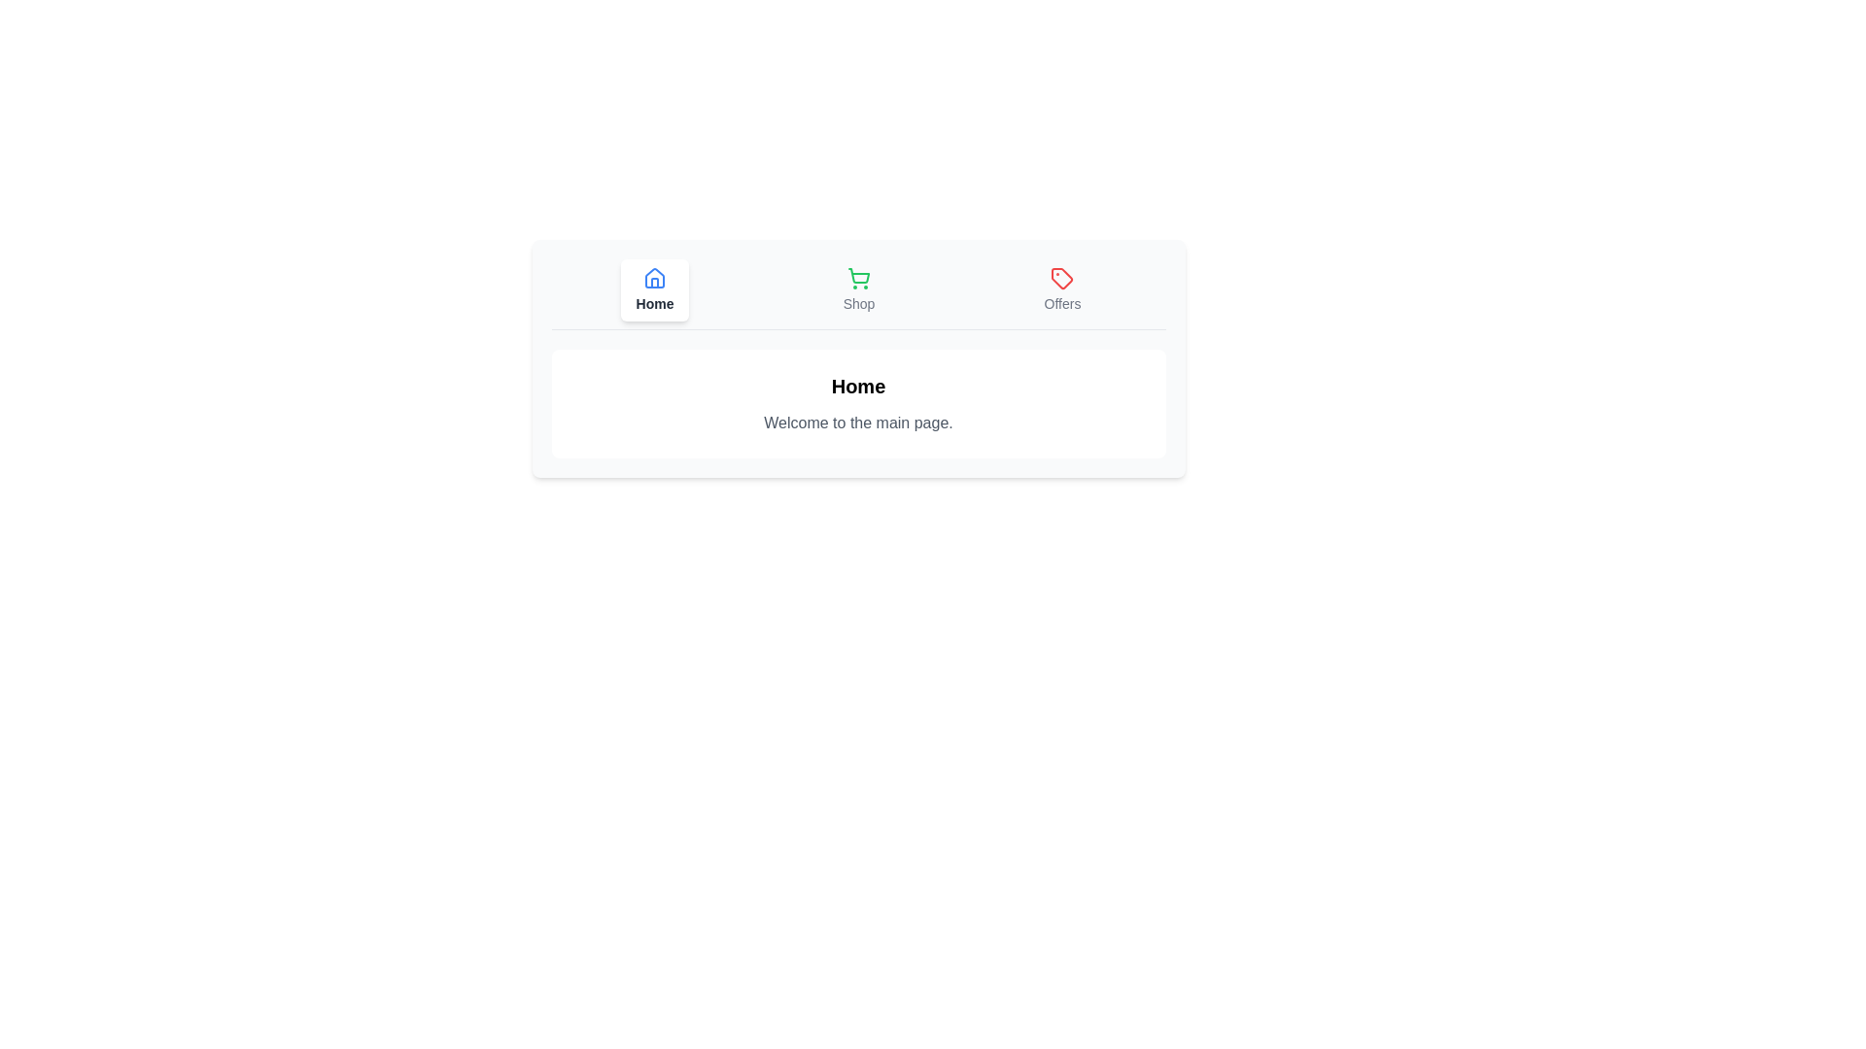 The height and width of the screenshot is (1049, 1866). I want to click on the button corresponding to the section Home to select it, so click(654, 290).